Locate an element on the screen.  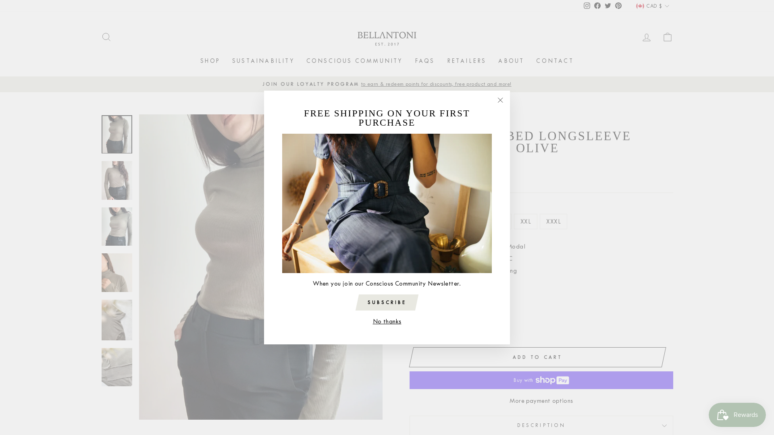
'Pinterest' is located at coordinates (613, 6).